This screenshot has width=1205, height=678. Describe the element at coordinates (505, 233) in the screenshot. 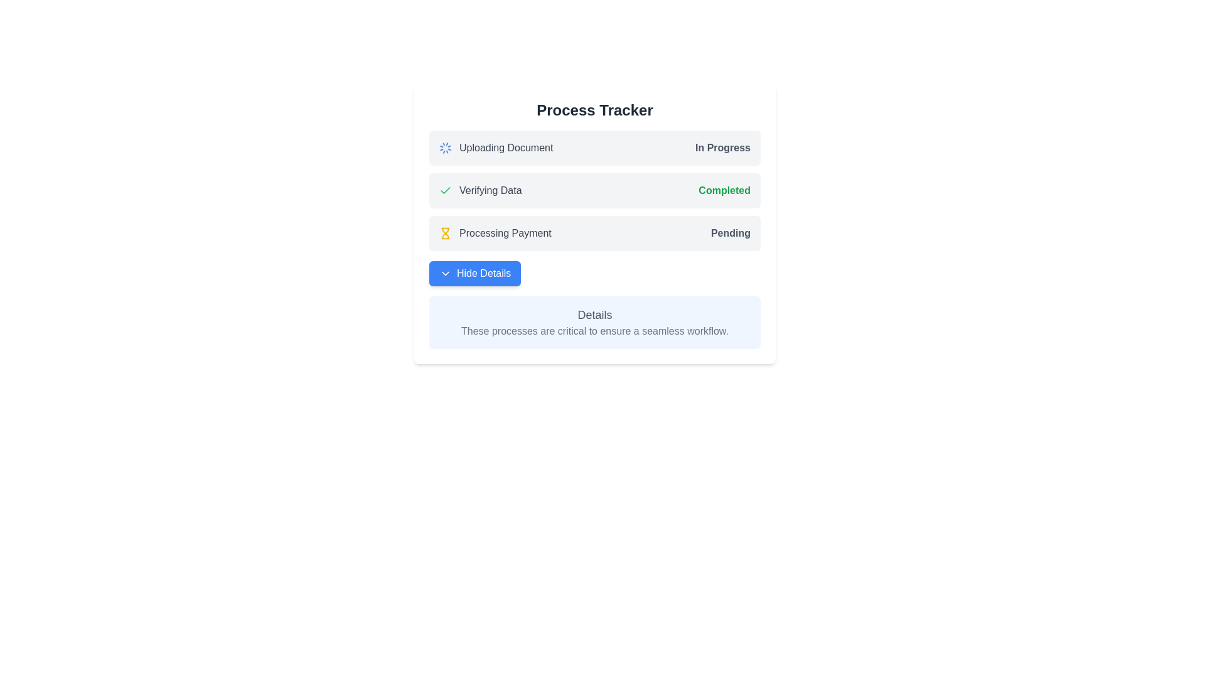

I see `the 'Processing Payment' text label, which is styled in gray color with medium font weight, located in the 'Process Tracker' list as the third entry, below 'Verifying Data' and above 'Pending'` at that location.